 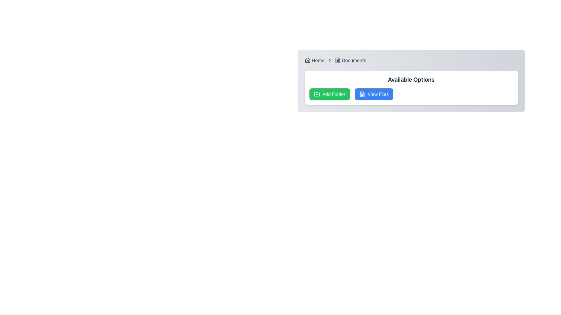 I want to click on the 'View Files' button, so click(x=362, y=94).